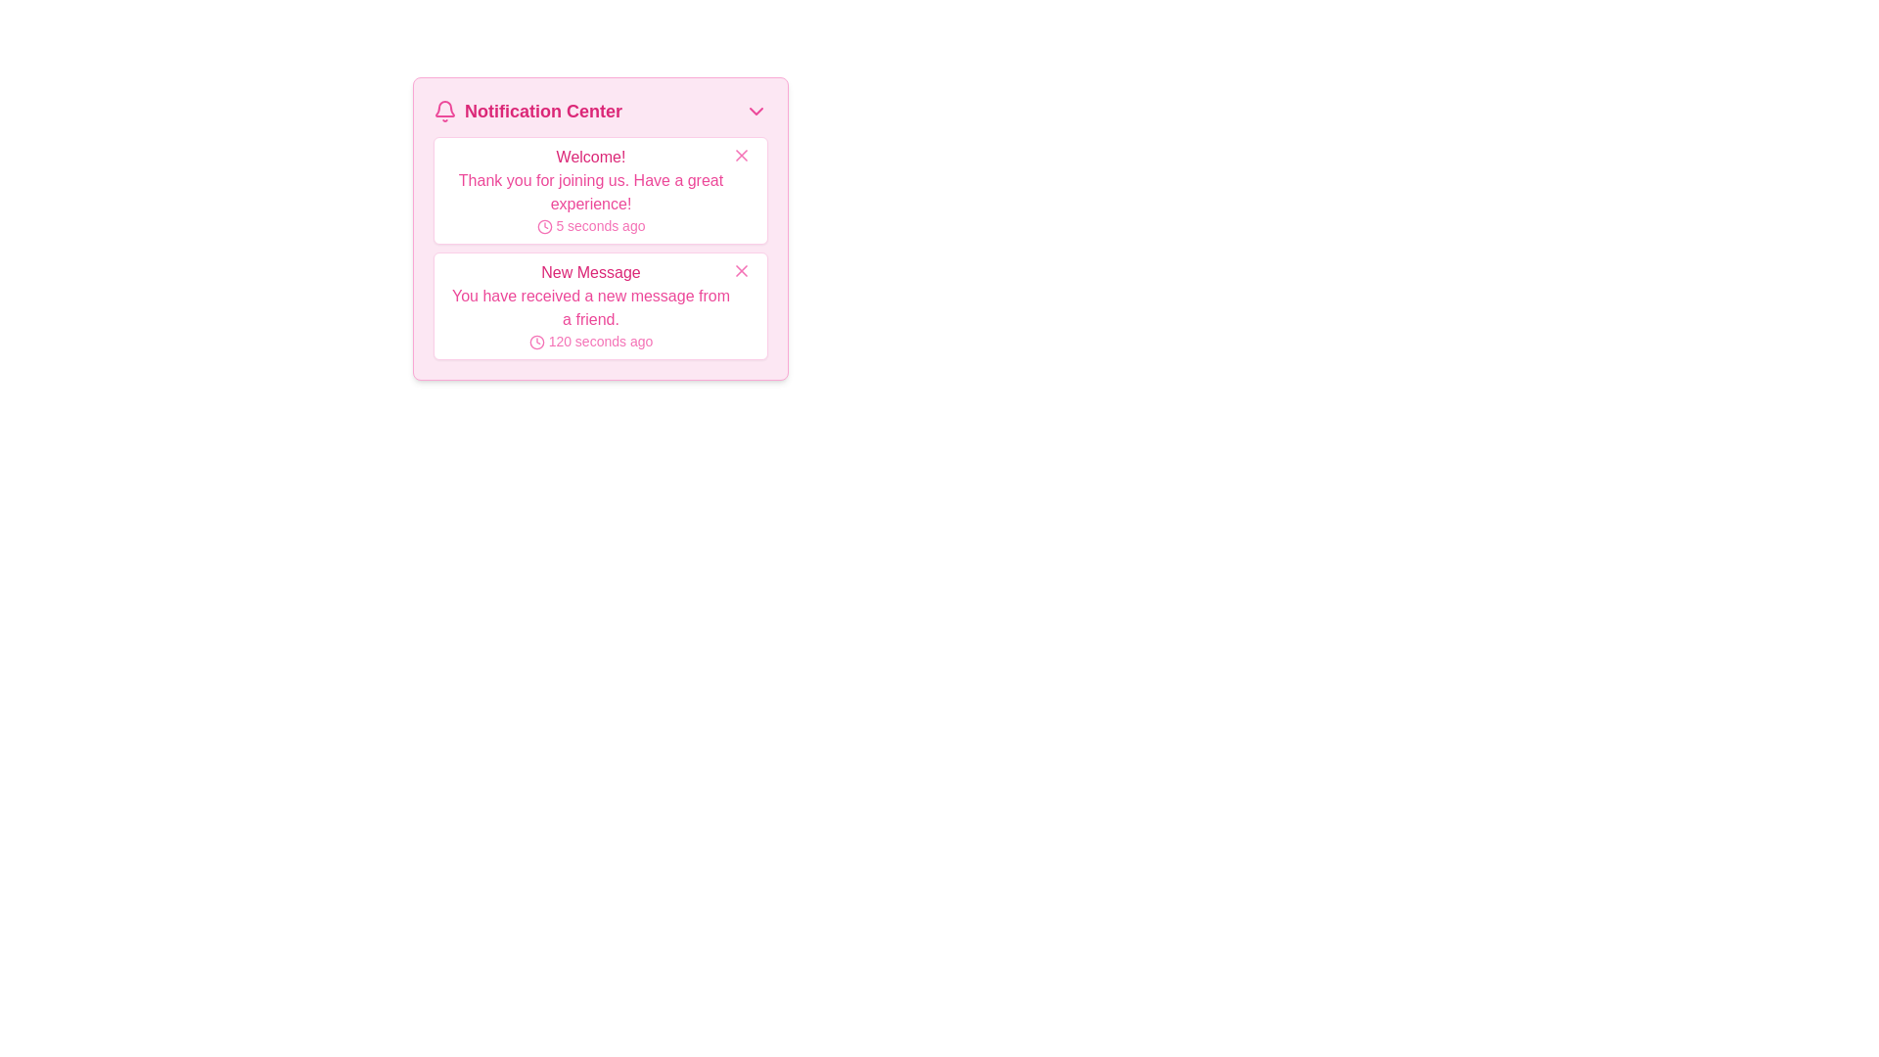 The image size is (1879, 1057). Describe the element at coordinates (590, 272) in the screenshot. I see `text displayed on the 'New Message' label, which is in bold pink font and part of a notification structure` at that location.